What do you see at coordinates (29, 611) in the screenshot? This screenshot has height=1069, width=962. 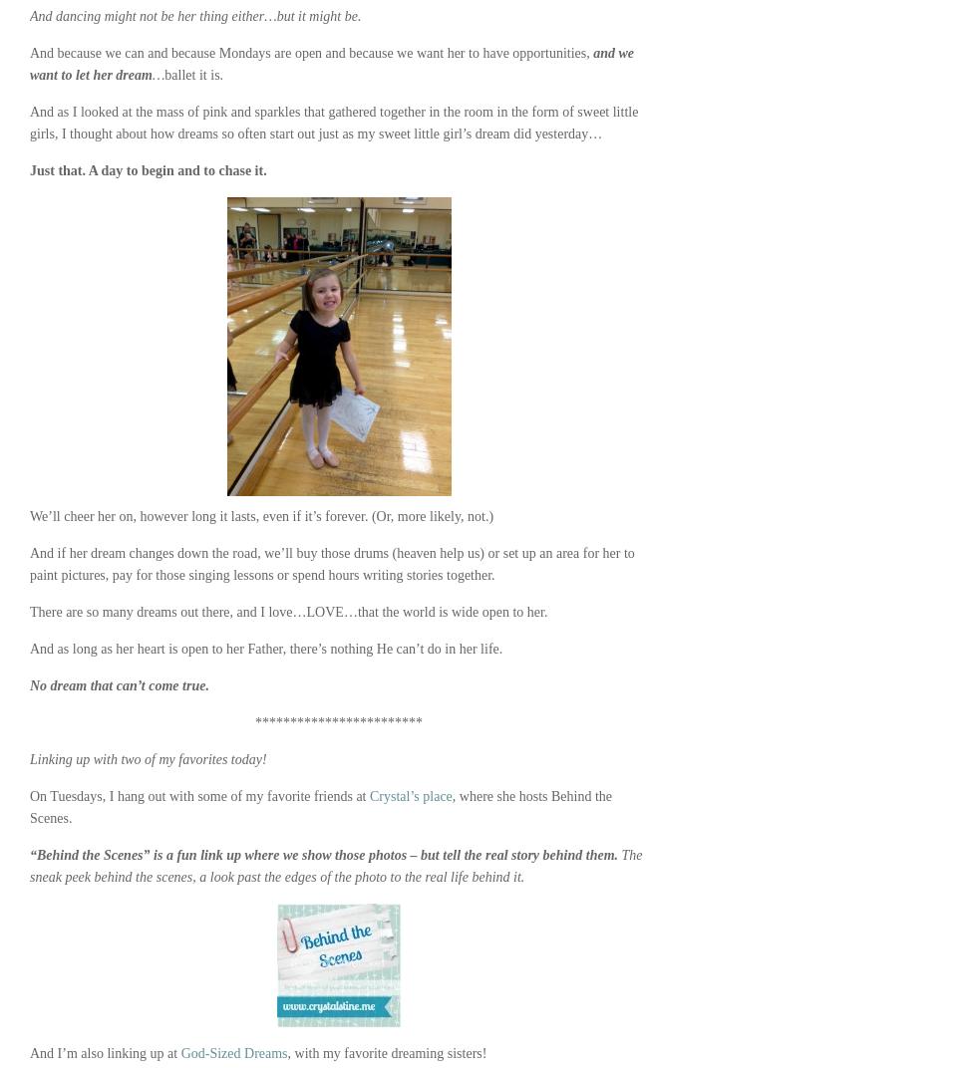 I see `'There are so many dreams out there, and I love…LOVE…that the world is wide open to her.'` at bounding box center [29, 611].